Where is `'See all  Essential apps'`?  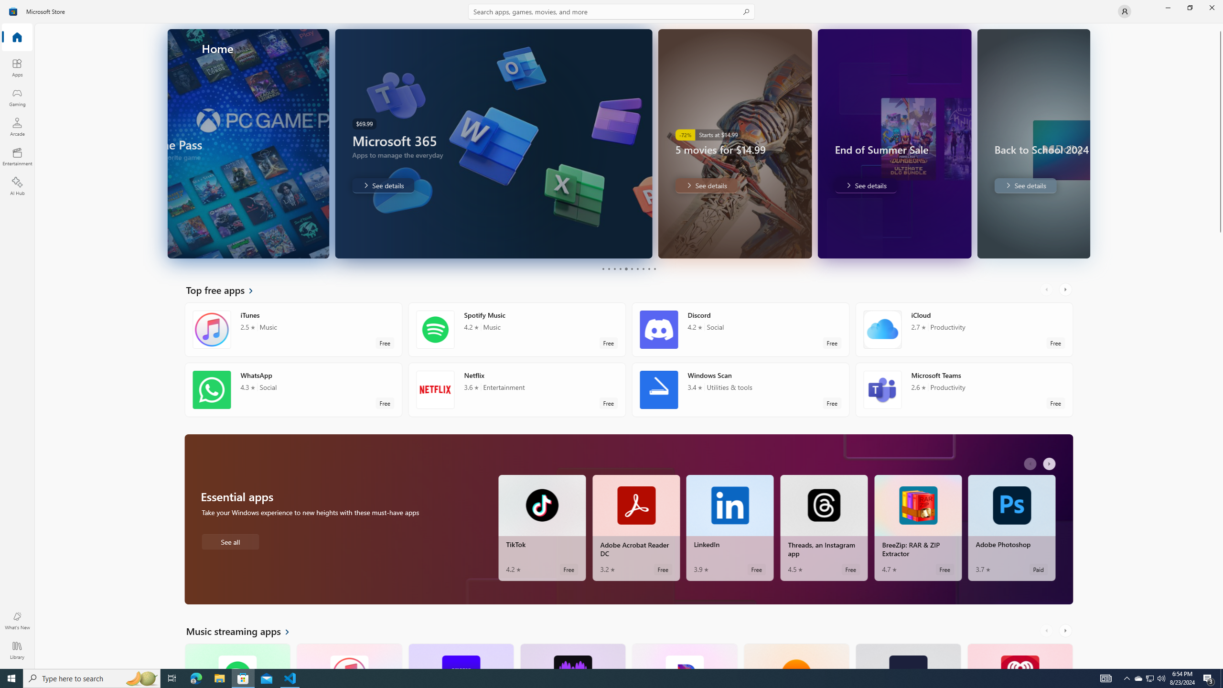 'See all  Essential apps' is located at coordinates (230, 541).